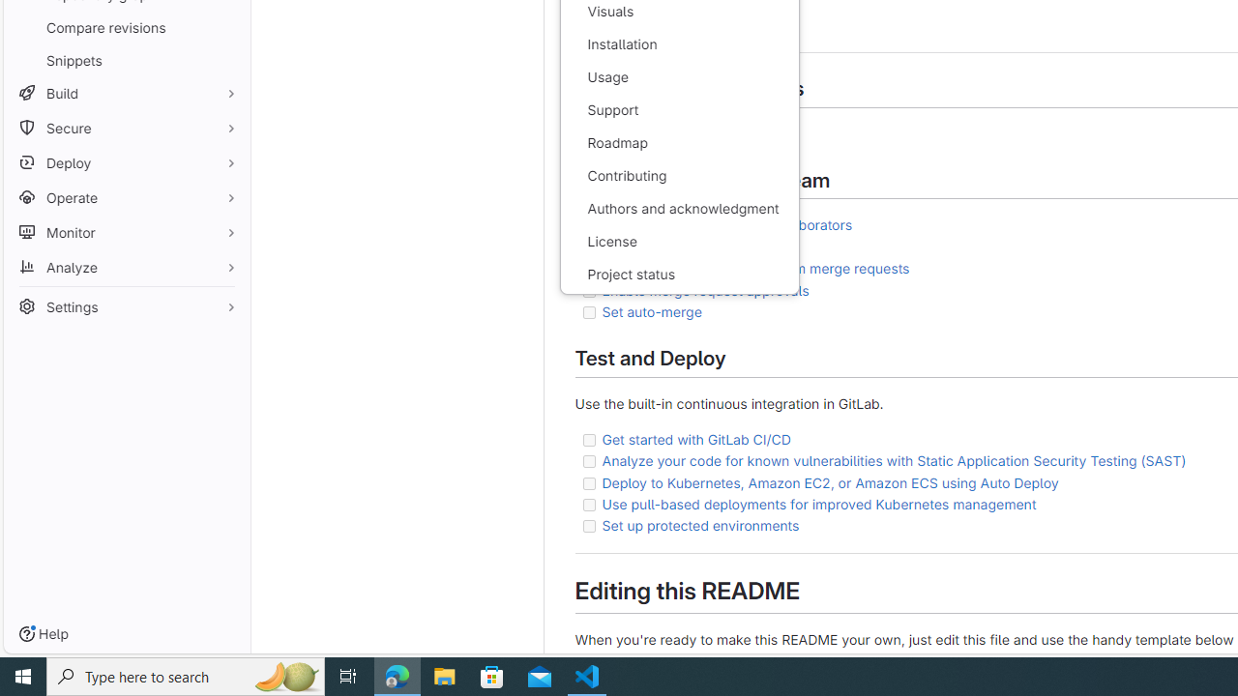 This screenshot has height=696, width=1238. I want to click on 'Secure', so click(126, 128).